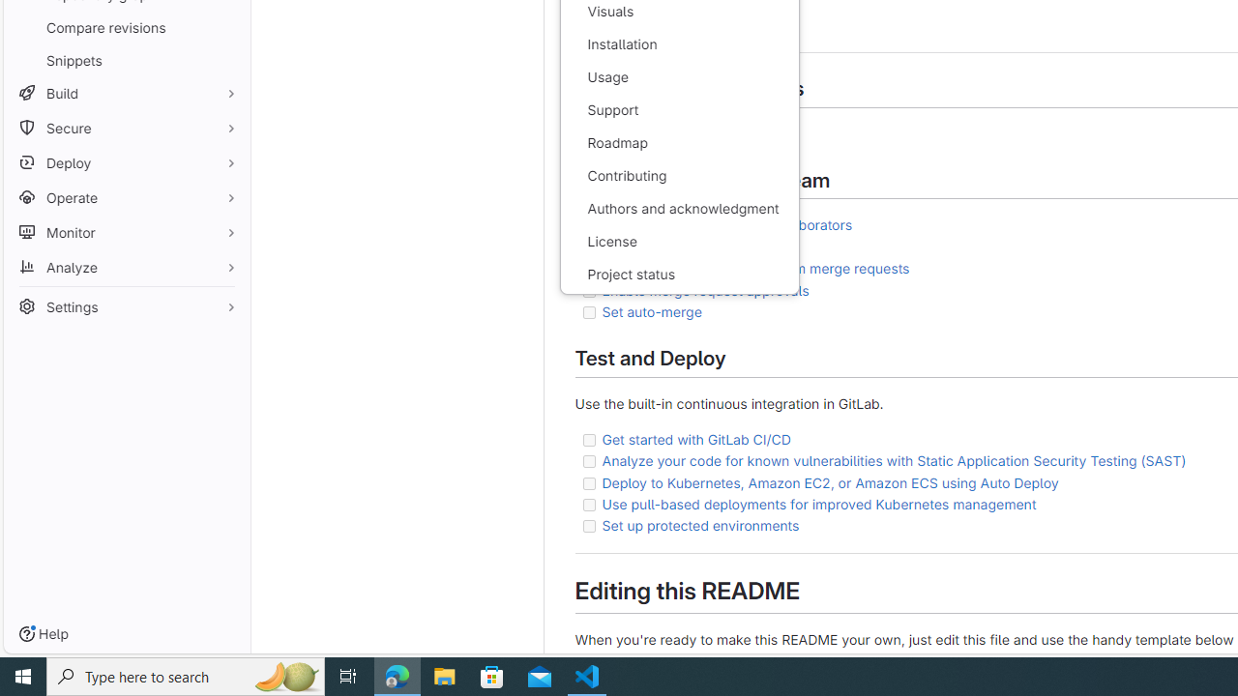 This screenshot has height=696, width=1238. I want to click on 'Secure', so click(126, 128).